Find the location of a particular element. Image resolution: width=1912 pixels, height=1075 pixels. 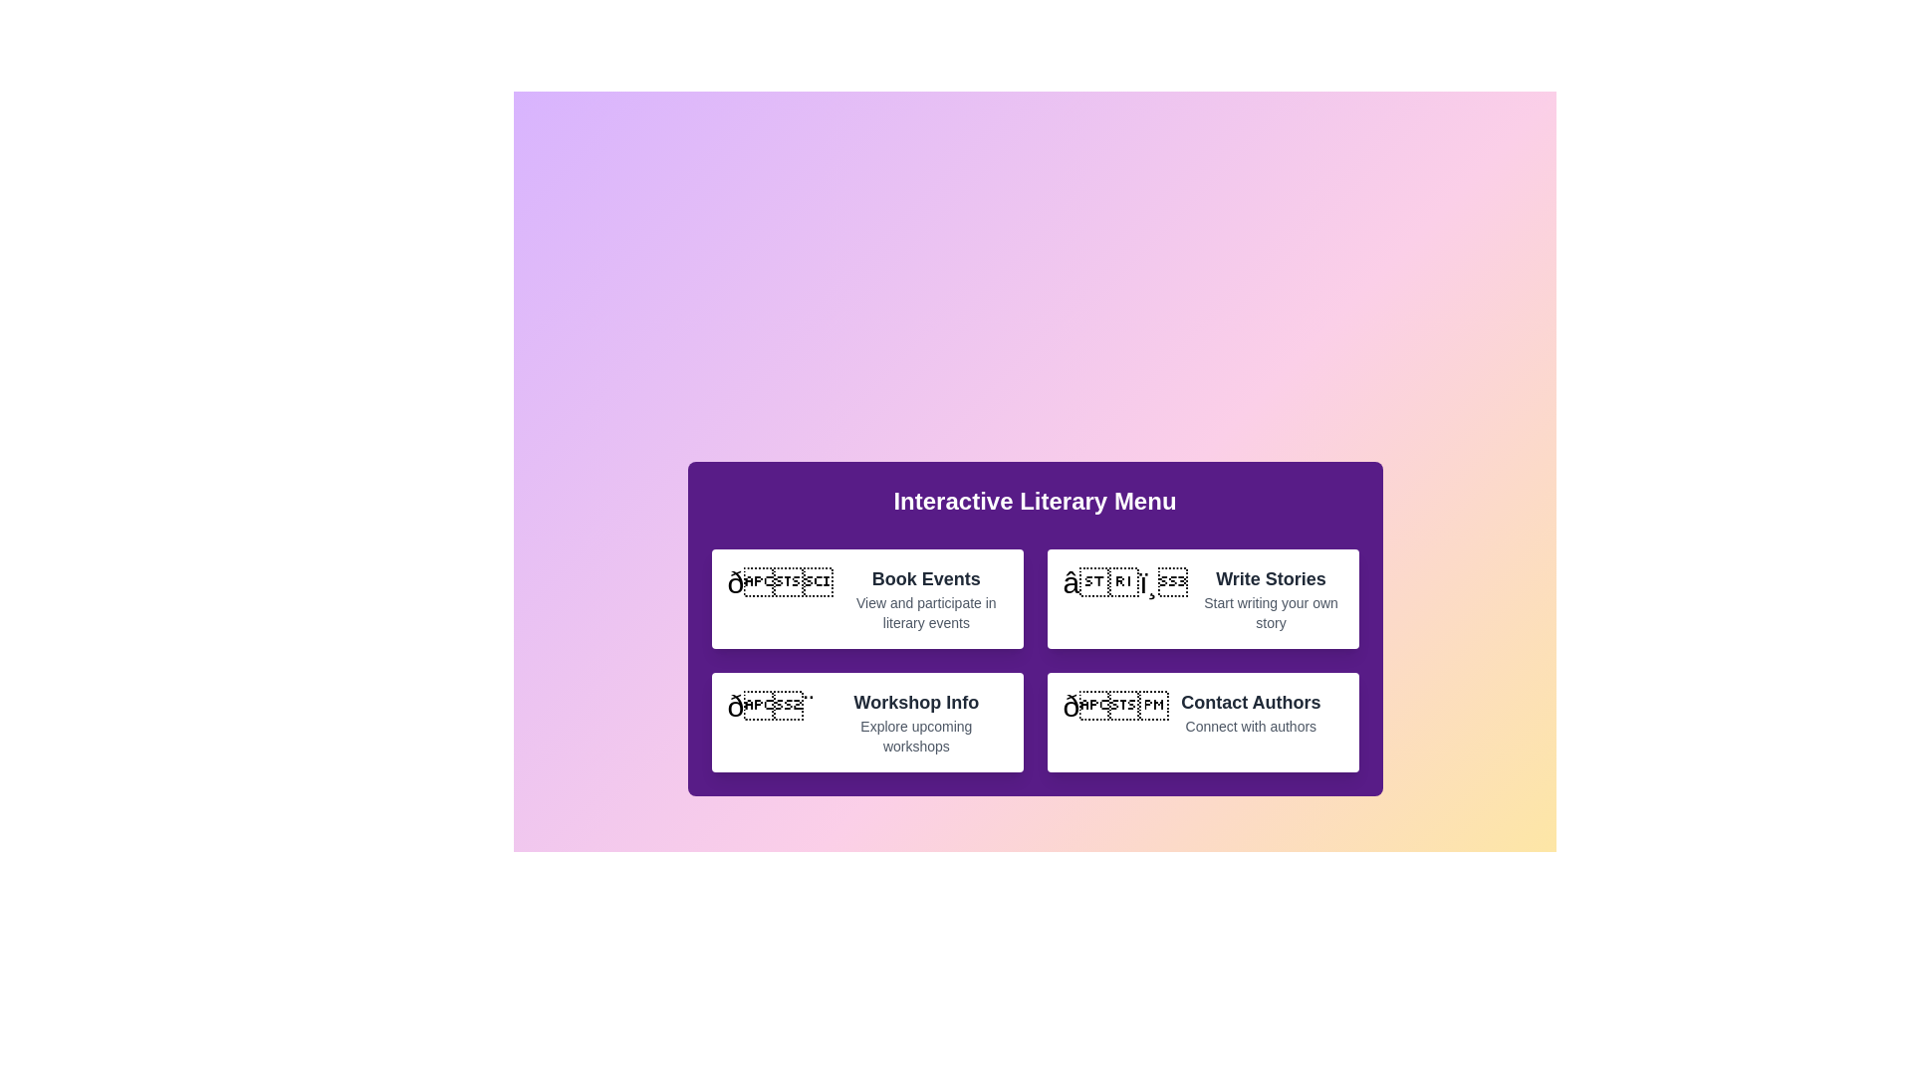

the menu item corresponding to Book Events is located at coordinates (866, 597).